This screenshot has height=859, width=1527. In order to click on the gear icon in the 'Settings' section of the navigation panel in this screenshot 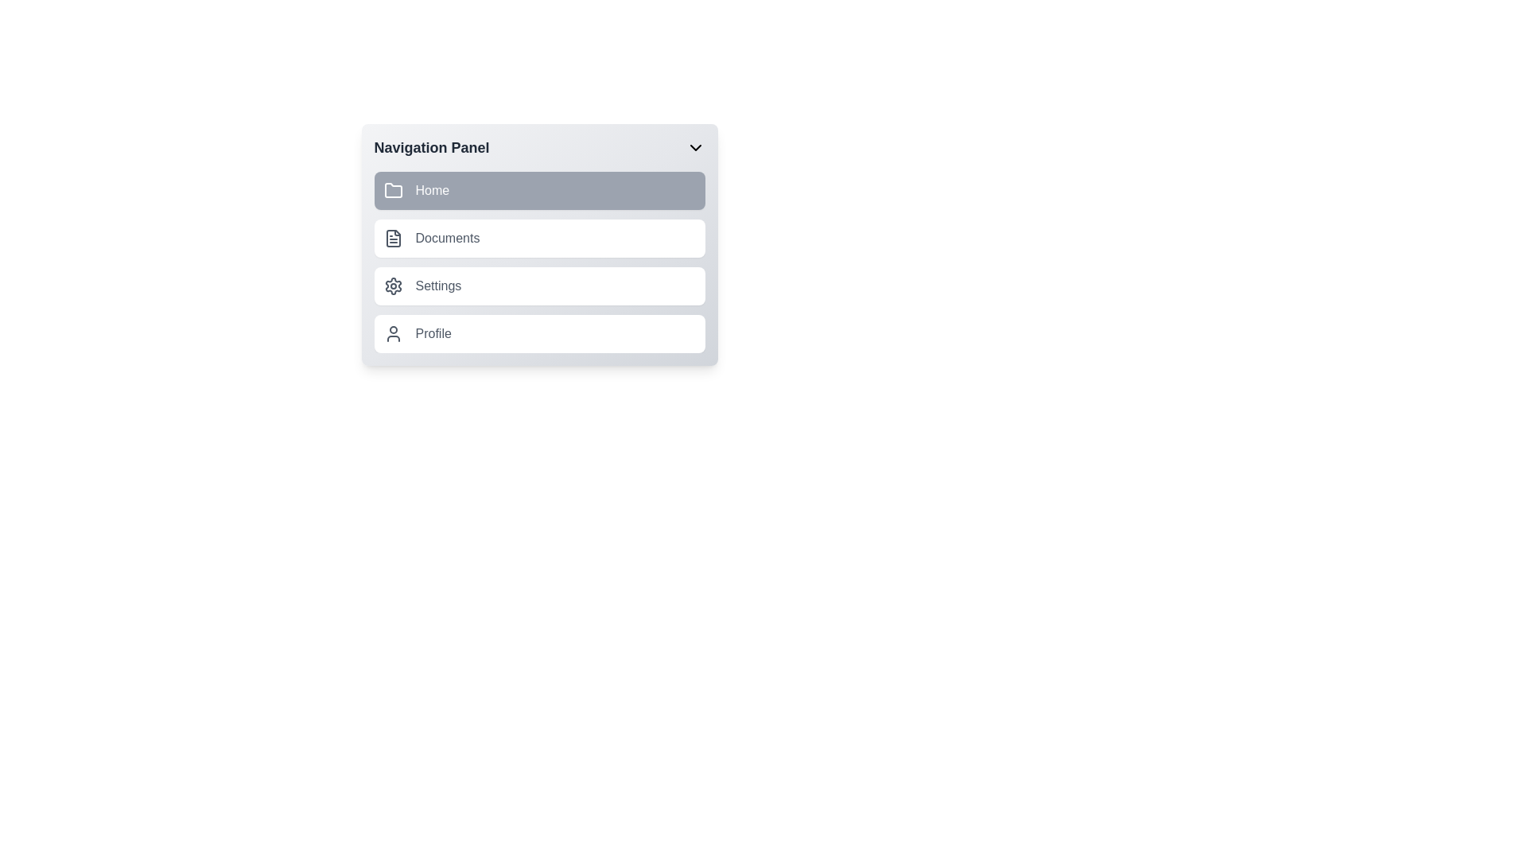, I will do `click(393, 285)`.